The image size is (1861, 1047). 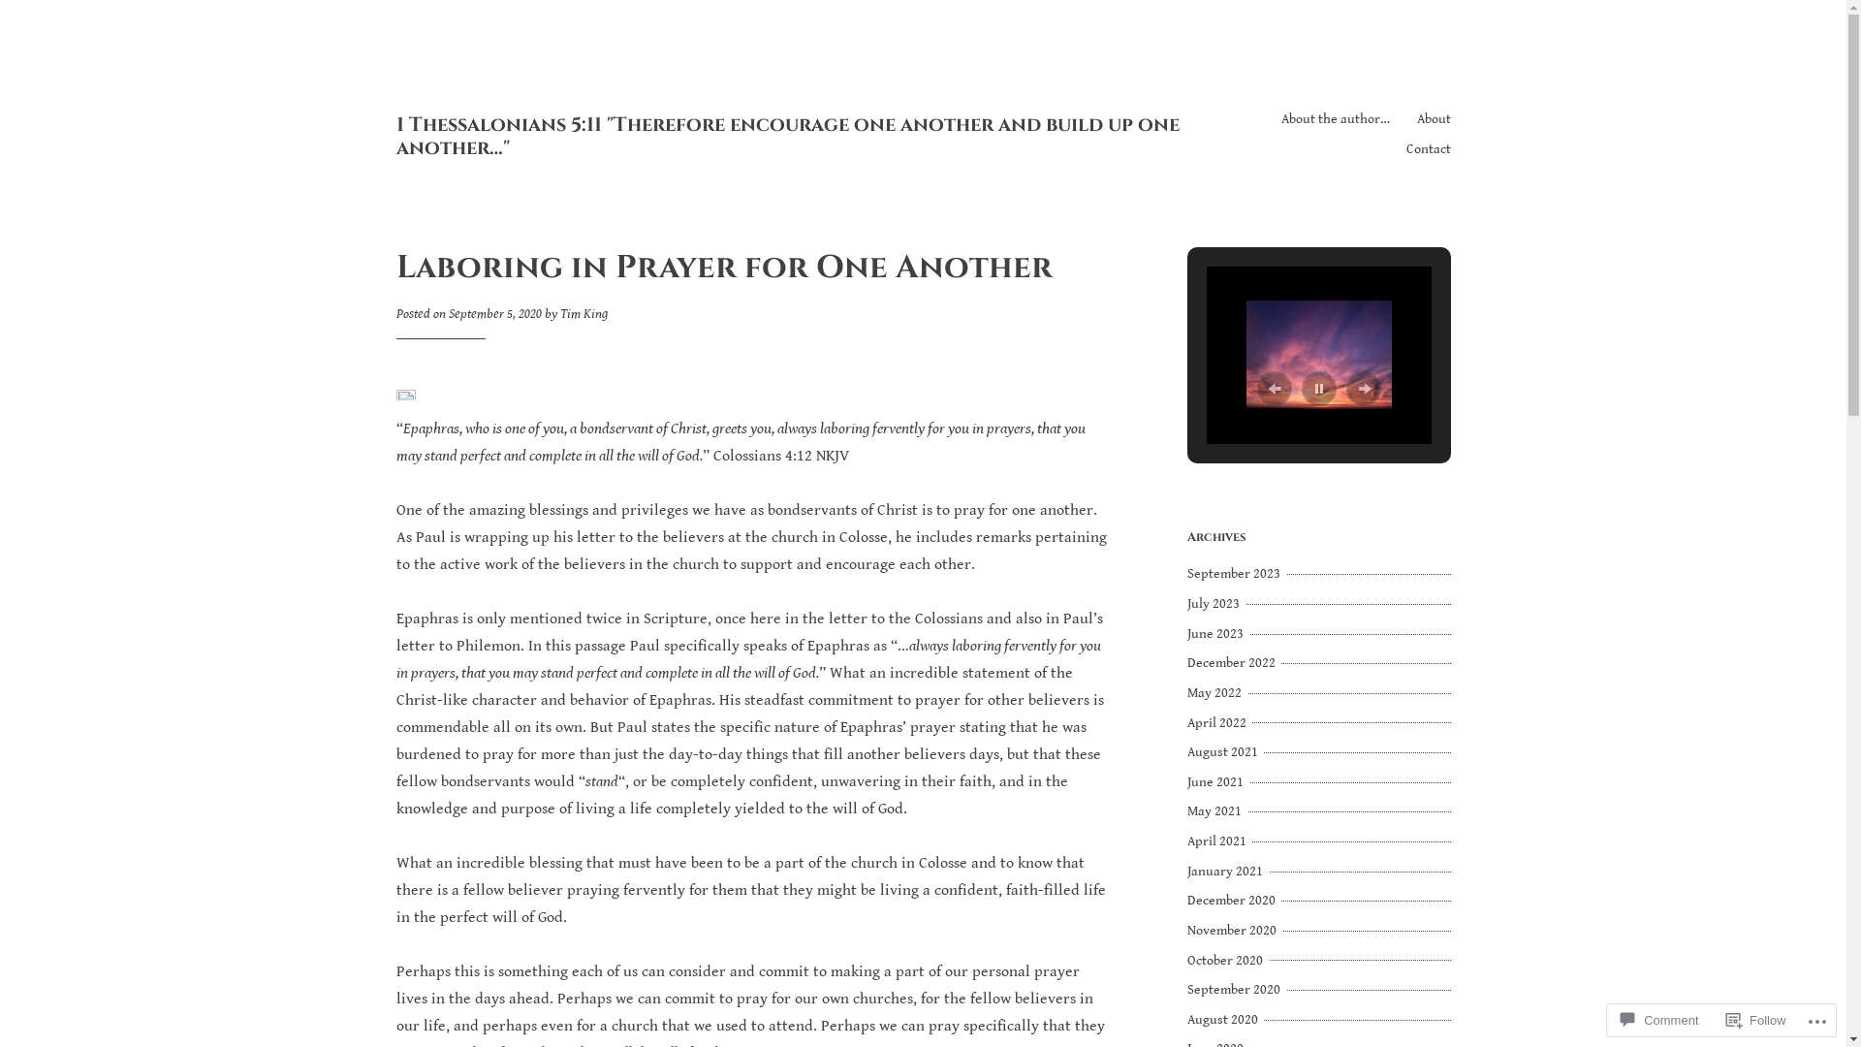 What do you see at coordinates (1235, 572) in the screenshot?
I see `'September 2023'` at bounding box center [1235, 572].